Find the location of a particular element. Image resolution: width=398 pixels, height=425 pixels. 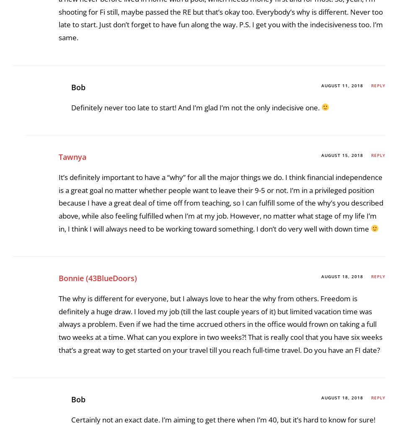

'Another great post, Bob.  My Why of Fi is wanderlust, I do want to see more of the world, and to have a new never before lived in home with a pool, which needs money first and for most.  So, yeah, I’m shooting for Fi still, maybe passed the RE but that’s okay too.  Everybody’s why is different.  Never too late to start.  Just don’t forget to have fun along the way.    P.S.  I get you with the indecisiveness too. I’m same.' is located at coordinates (221, 248).